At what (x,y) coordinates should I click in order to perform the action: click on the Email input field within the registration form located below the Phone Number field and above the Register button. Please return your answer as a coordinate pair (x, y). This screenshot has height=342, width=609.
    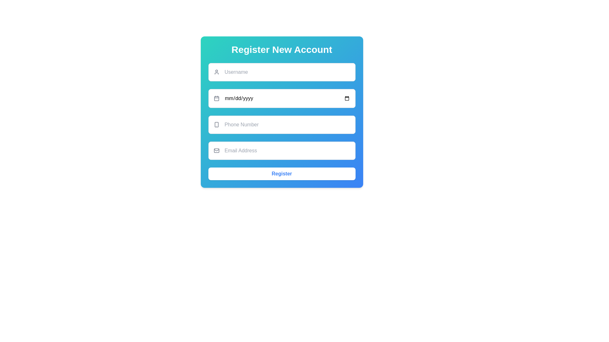
    Looking at the image, I should click on (281, 150).